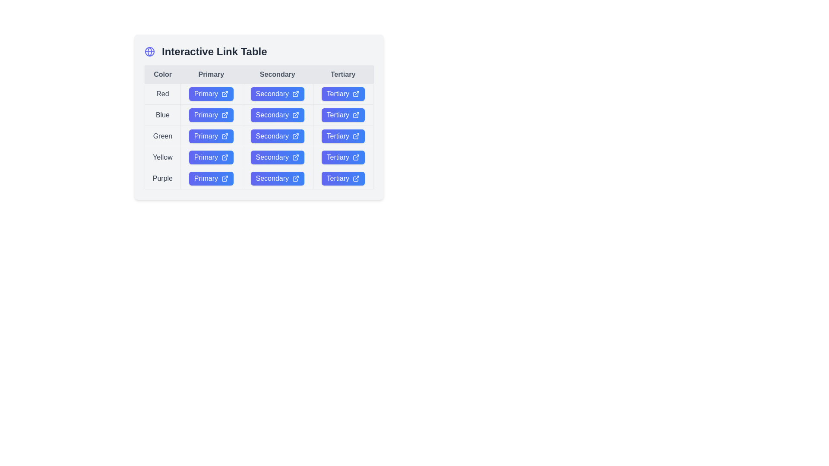  Describe the element at coordinates (211, 178) in the screenshot. I see `the 'Primary' button with a gradient background and an external link icon` at that location.